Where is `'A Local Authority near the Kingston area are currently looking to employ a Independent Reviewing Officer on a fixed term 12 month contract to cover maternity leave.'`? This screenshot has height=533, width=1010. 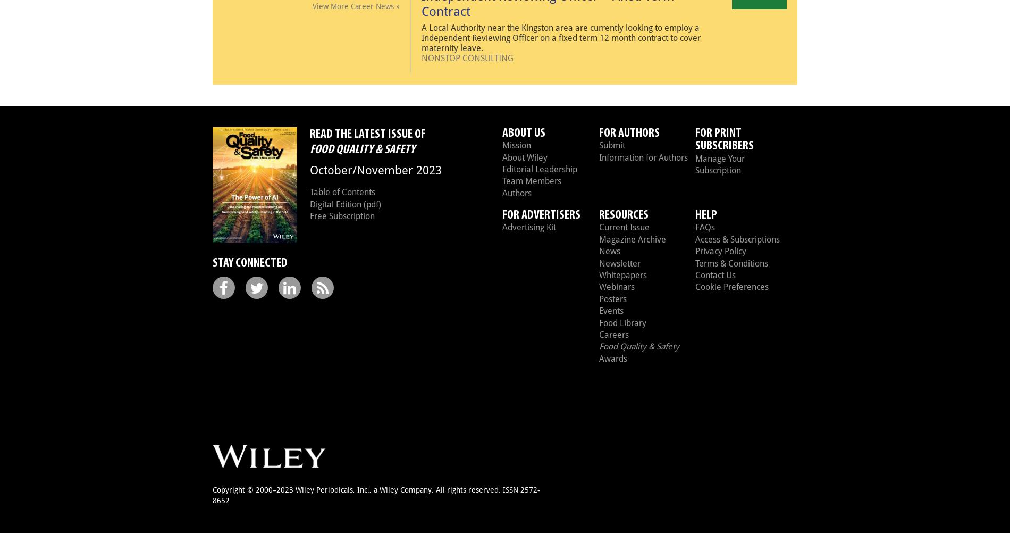
'A Local Authority near the Kingston area are currently looking to employ a Independent Reviewing Officer on a fixed term 12 month contract to cover maternity leave.' is located at coordinates (561, 37).